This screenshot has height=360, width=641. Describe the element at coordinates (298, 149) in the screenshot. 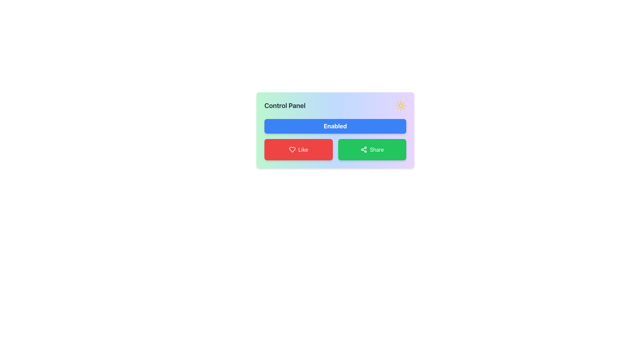

I see `the 'Like' button, which has a red background, a heart icon, and white text located in the lower left corner of the grid` at that location.